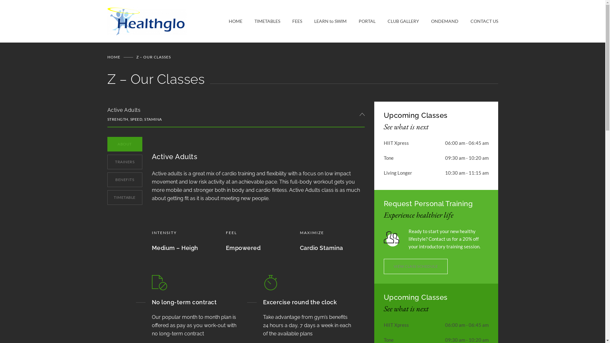 This screenshot has width=610, height=343. Describe the element at coordinates (125, 144) in the screenshot. I see `'ABOUT'` at that location.